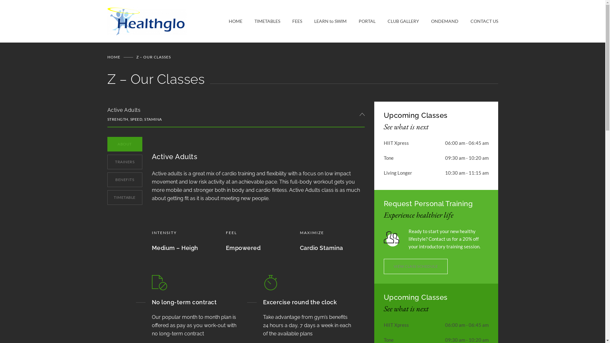 This screenshot has width=610, height=343. Describe the element at coordinates (125, 144) in the screenshot. I see `'ABOUT'` at that location.